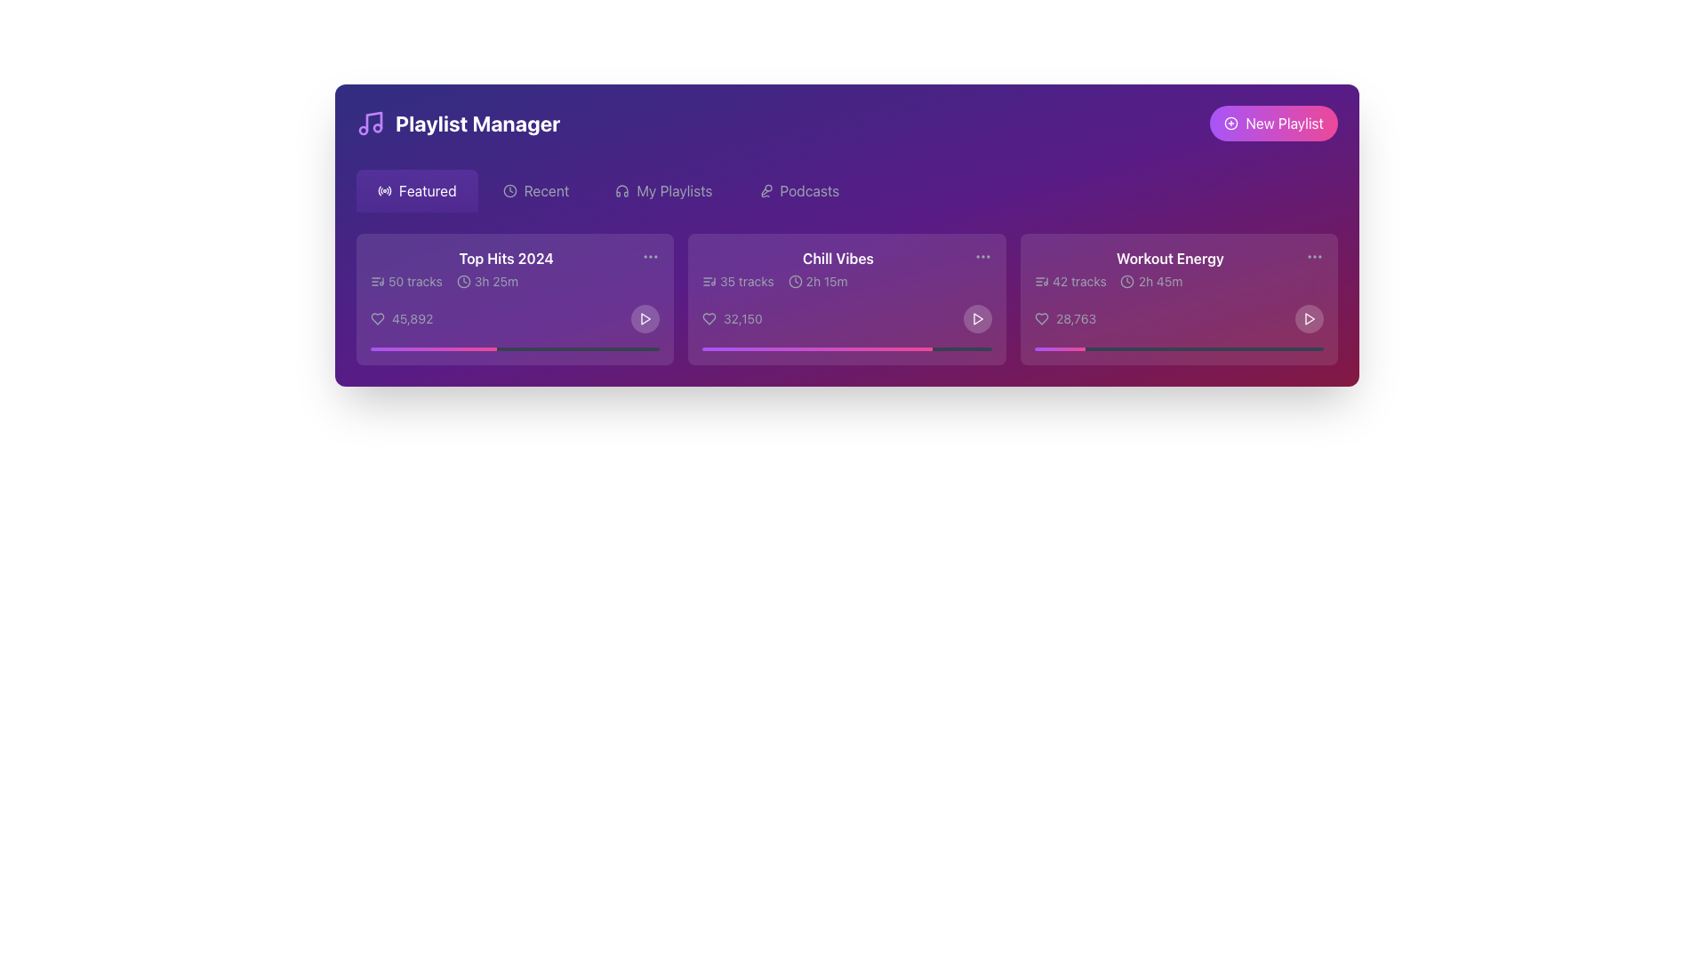  What do you see at coordinates (1070, 280) in the screenshot?
I see `the label that displays the number of tracks in the 'Workout Energy' playlist, located near the upper left corner of the playlist card, to the left of the '2h 45m' text` at bounding box center [1070, 280].